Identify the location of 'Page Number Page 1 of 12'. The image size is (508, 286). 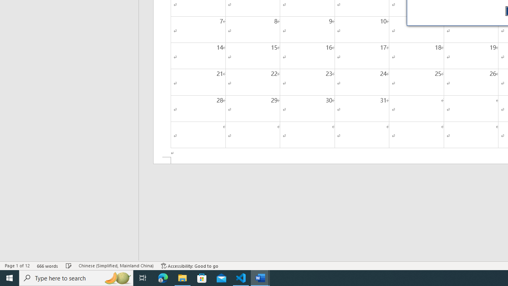
(17, 266).